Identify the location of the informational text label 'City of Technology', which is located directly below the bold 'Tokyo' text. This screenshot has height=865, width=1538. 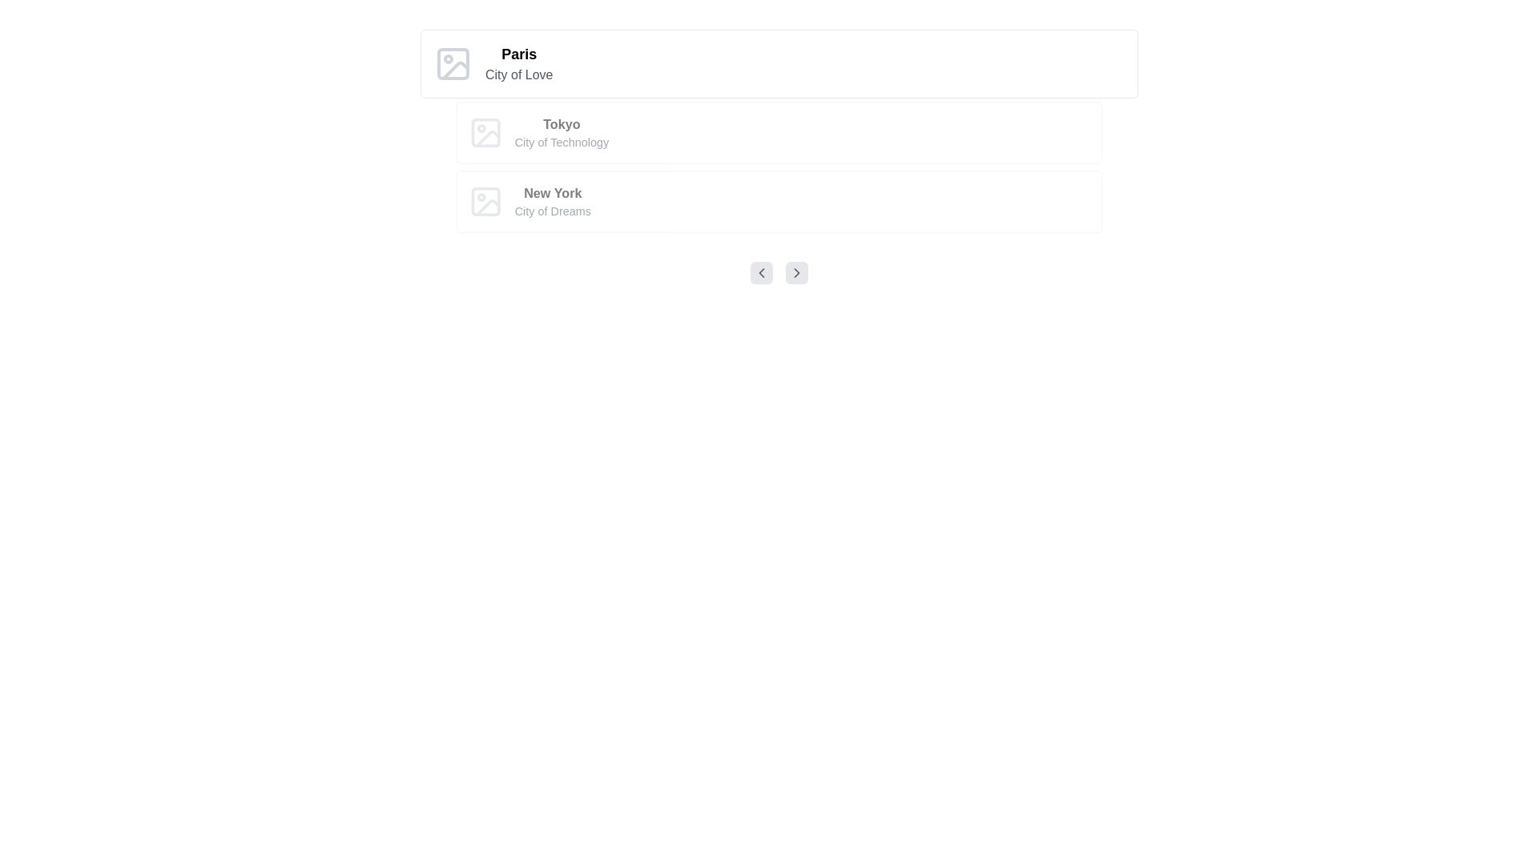
(562, 142).